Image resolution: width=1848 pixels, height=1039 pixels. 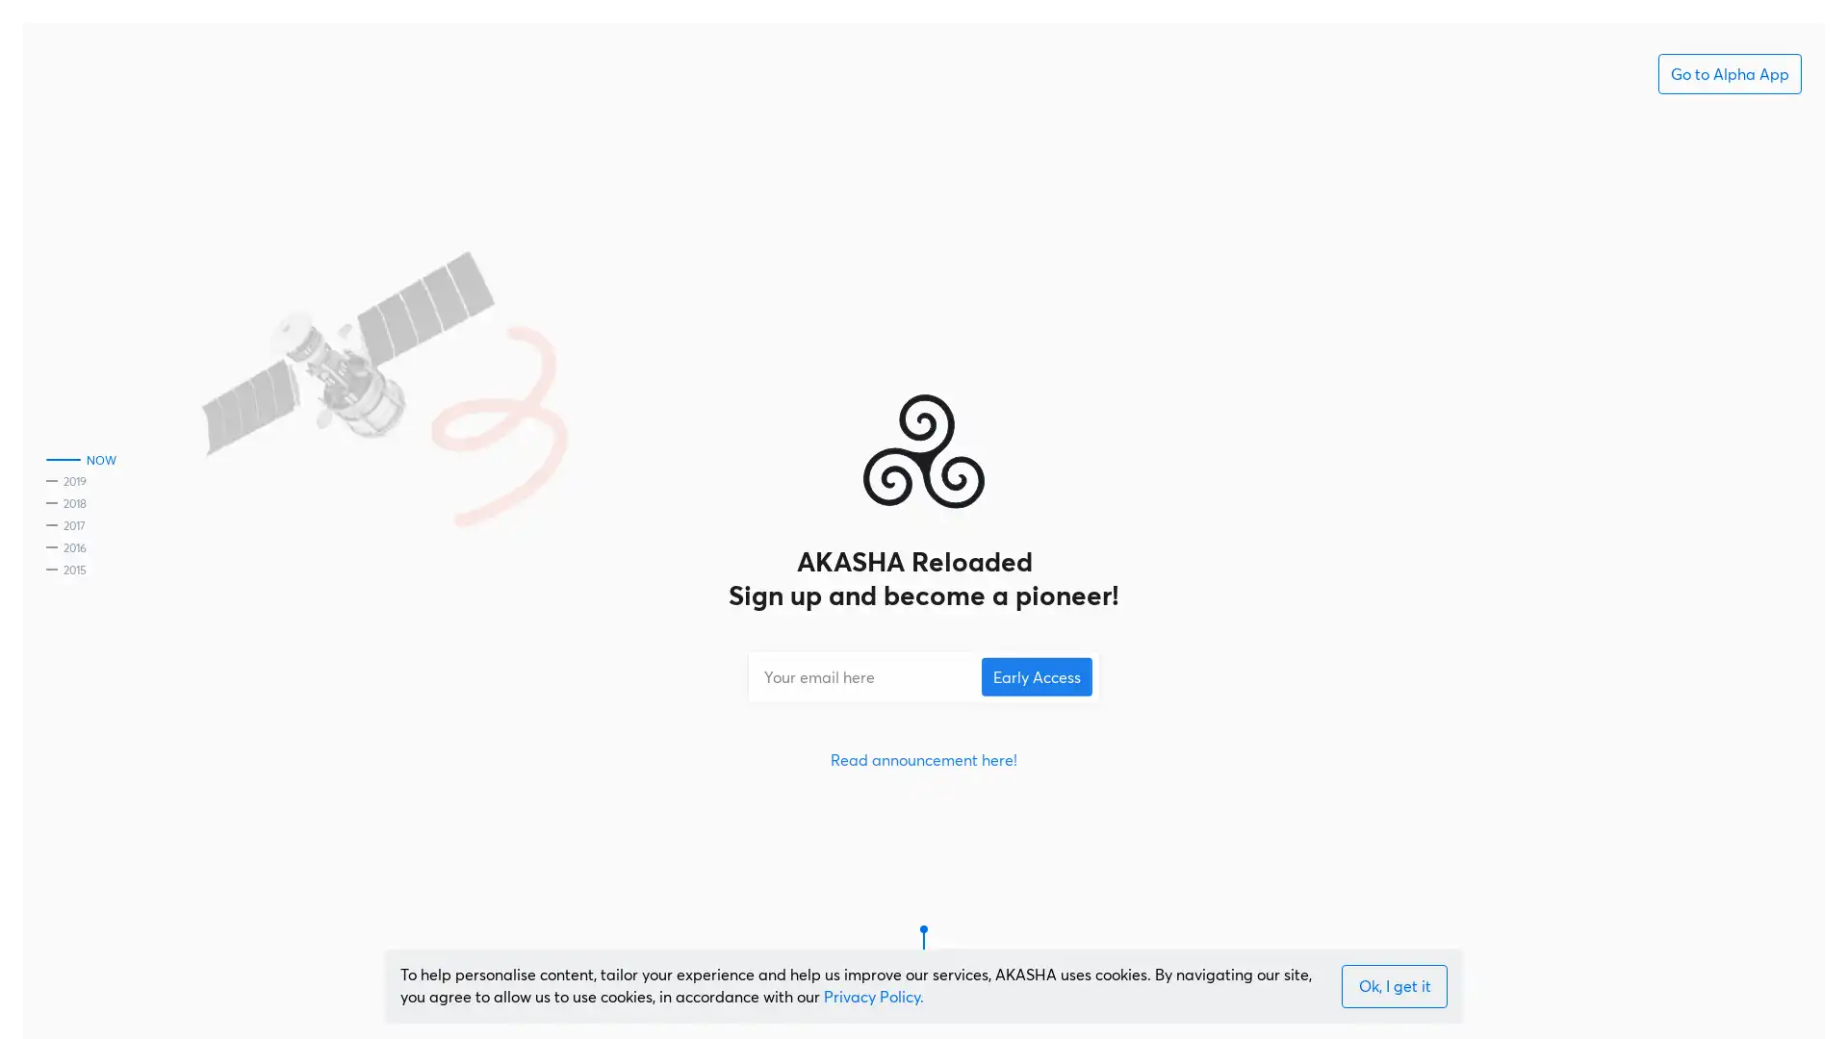 I want to click on 2019, so click(x=65, y=482).